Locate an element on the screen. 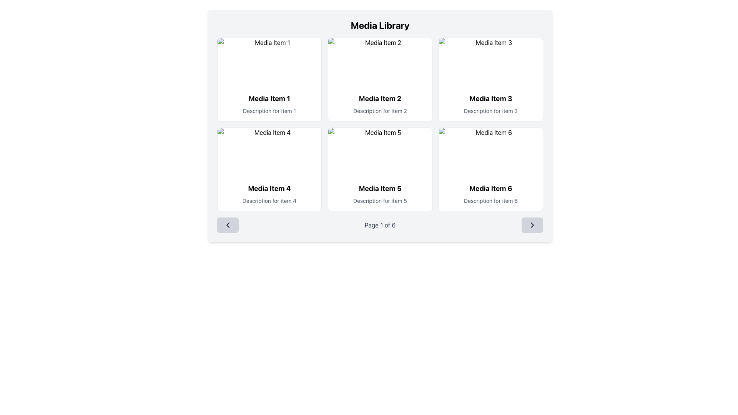  the image representing 'Media Item 5', which is located in the middle row and center column of the media items grid is located at coordinates (380, 153).